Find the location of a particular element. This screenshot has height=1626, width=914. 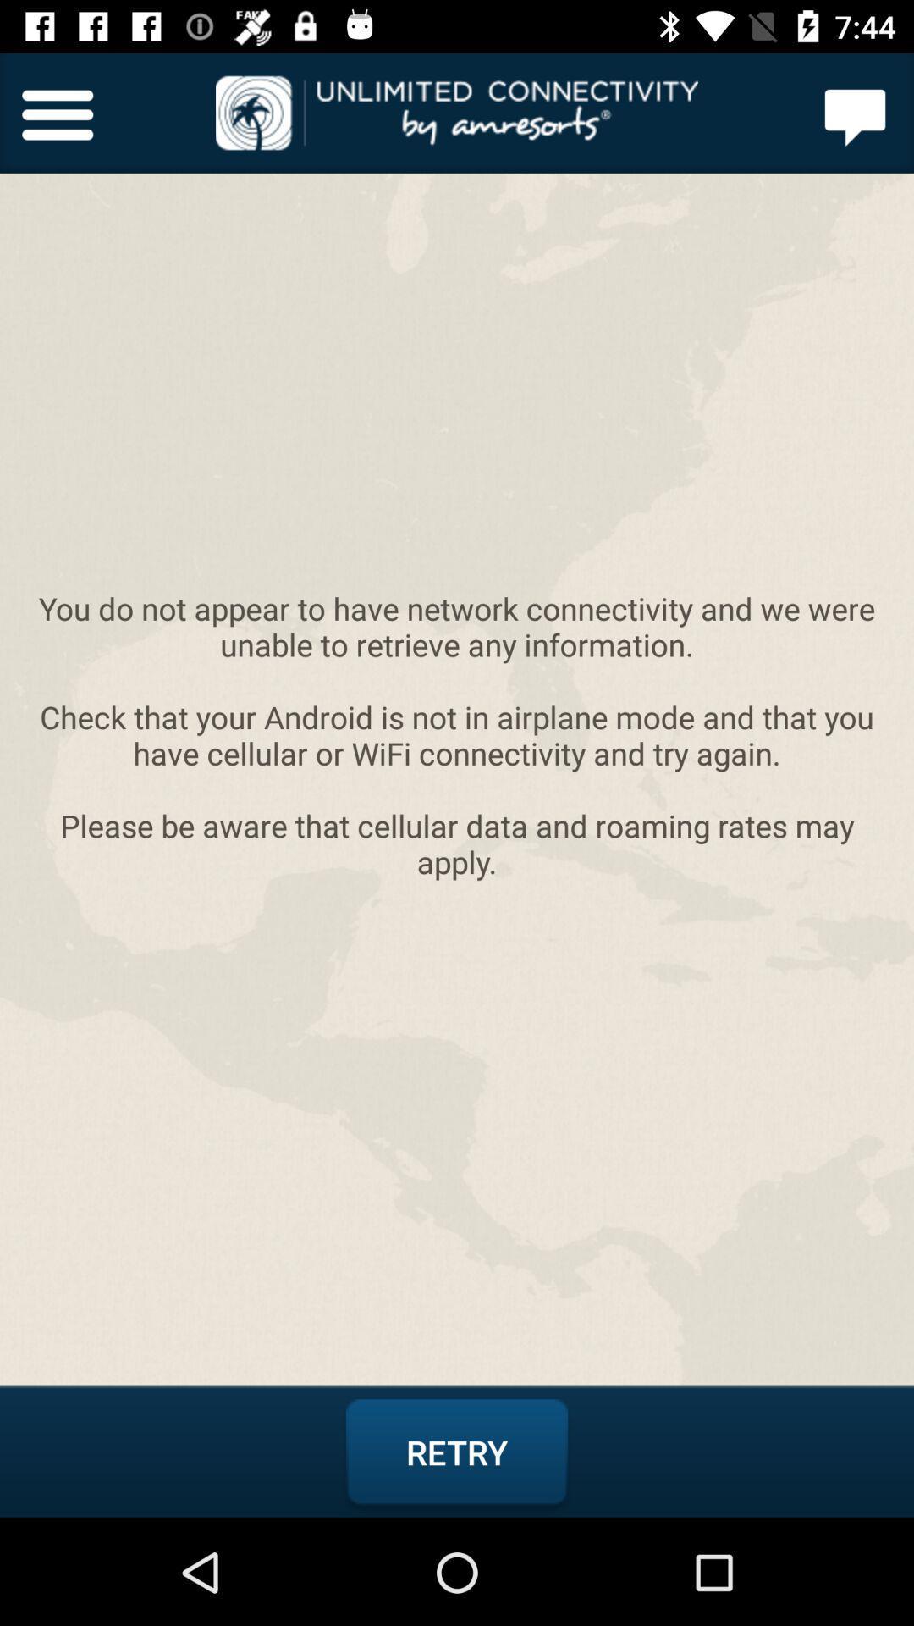

retry is located at coordinates (457, 1452).